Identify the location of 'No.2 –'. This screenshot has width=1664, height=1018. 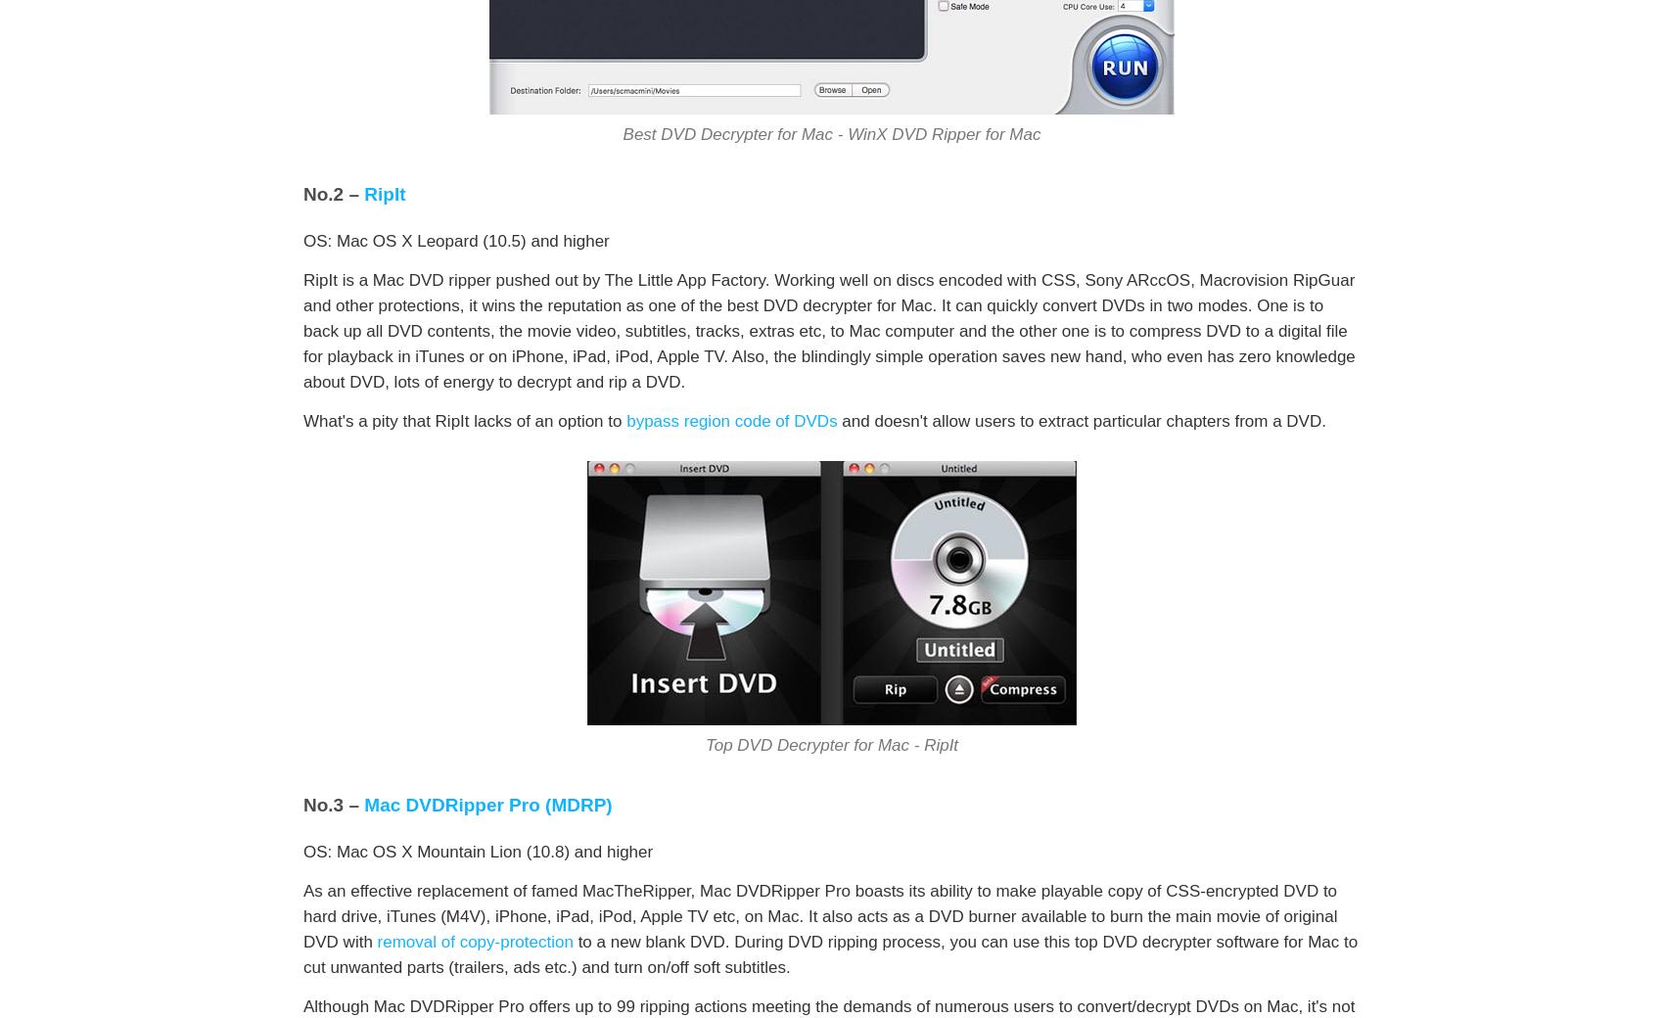
(303, 194).